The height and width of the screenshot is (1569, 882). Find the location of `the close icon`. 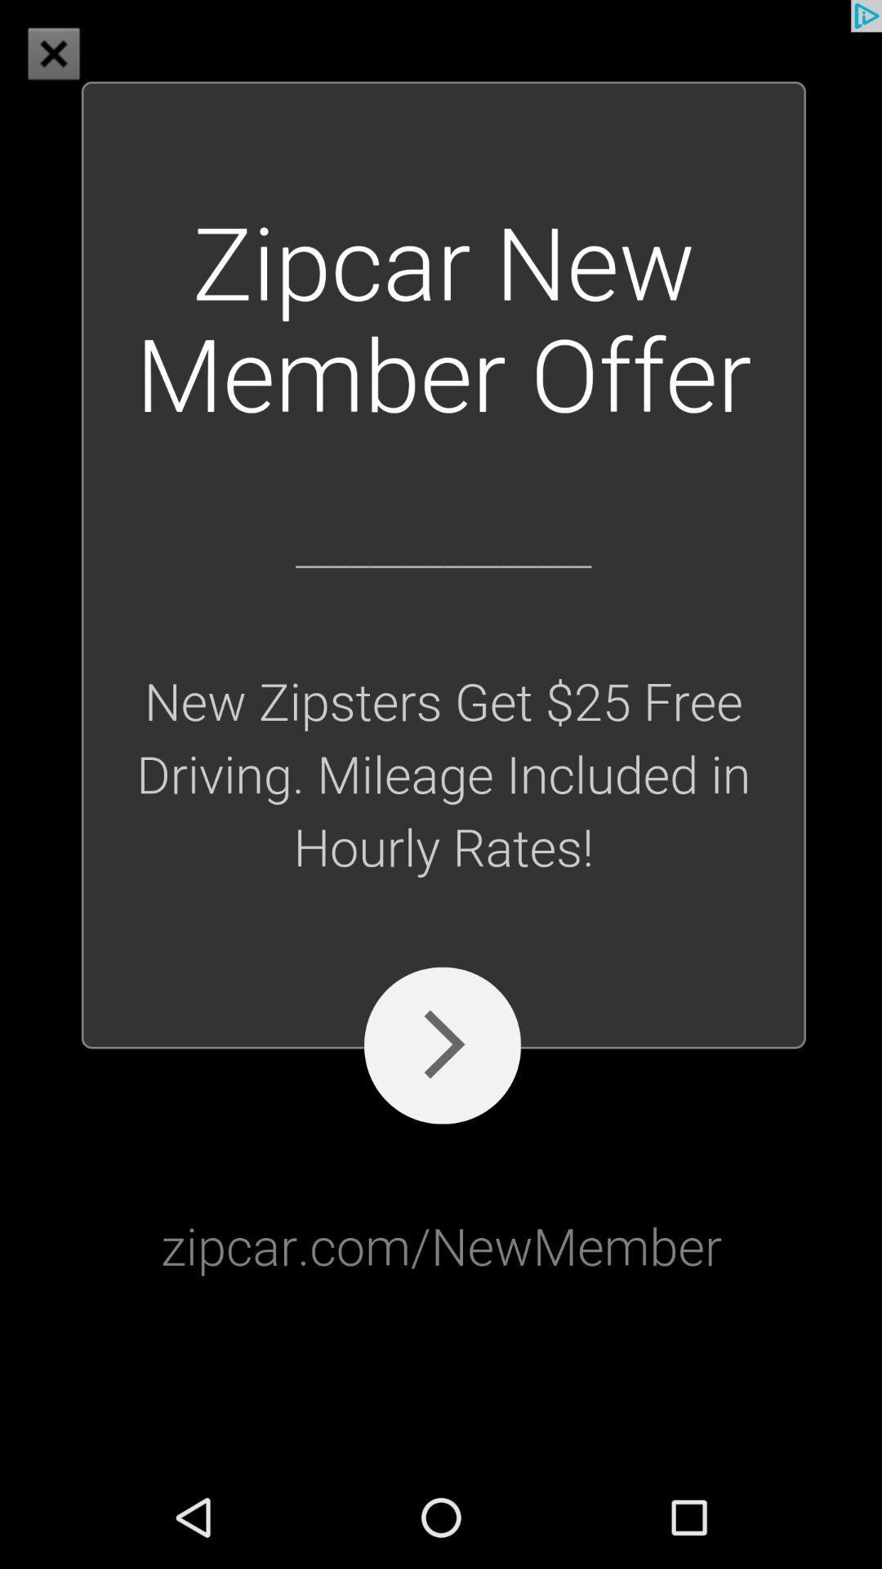

the close icon is located at coordinates (52, 57).